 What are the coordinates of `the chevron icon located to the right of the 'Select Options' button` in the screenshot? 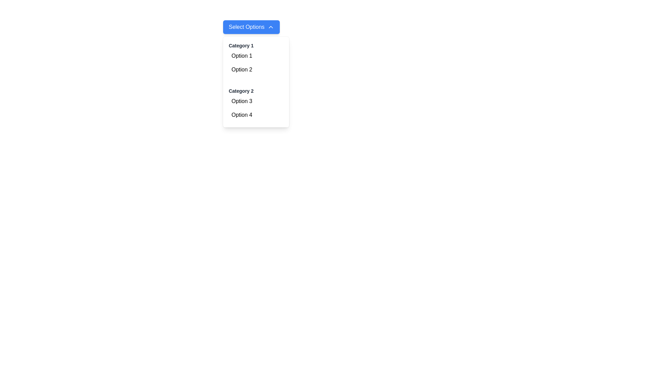 It's located at (270, 26).